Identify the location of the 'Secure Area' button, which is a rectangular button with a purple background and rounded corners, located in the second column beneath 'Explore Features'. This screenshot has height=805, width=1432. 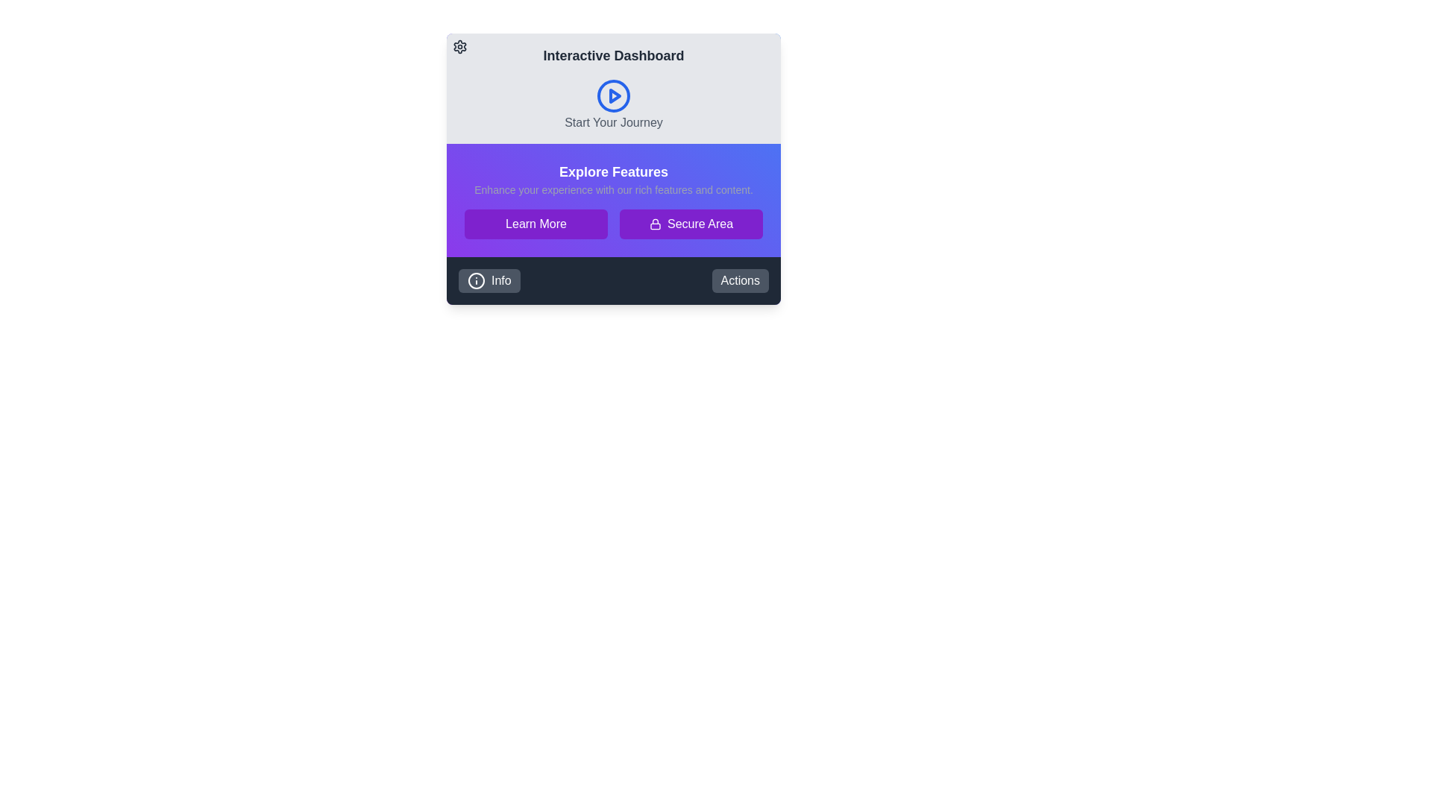
(690, 224).